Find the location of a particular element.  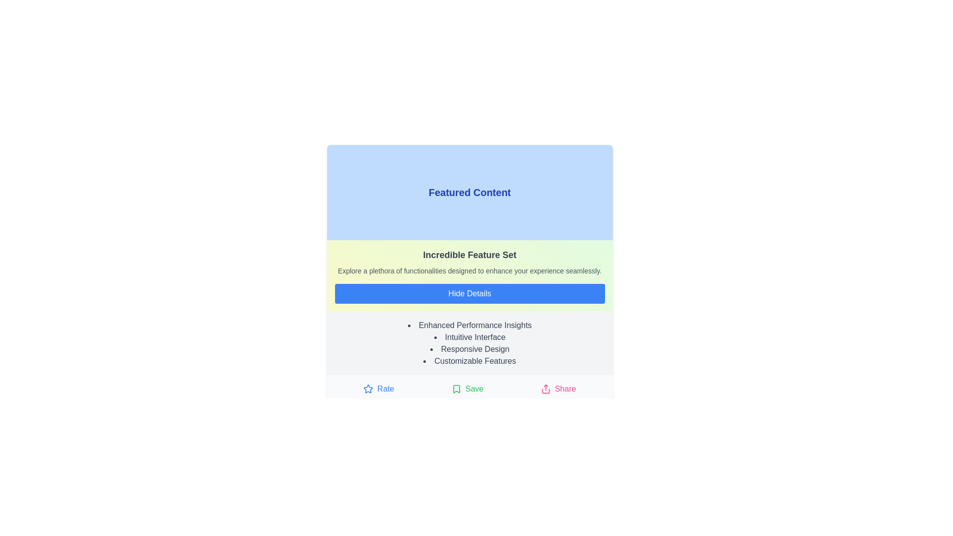

the bookmark-like icon that represents the 'Save' action, located below the 'Hide Details' button and beside the 'Rate' and 'Share' actions is located at coordinates (456, 388).